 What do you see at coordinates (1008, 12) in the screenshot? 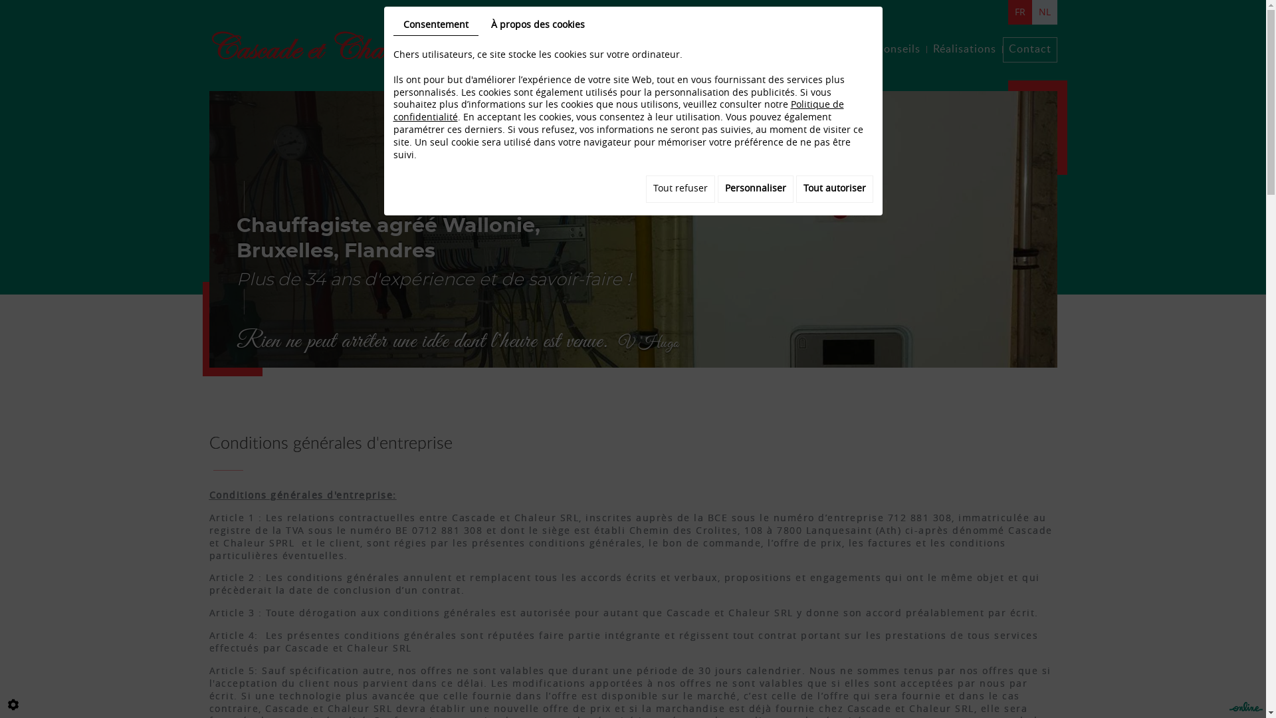
I see `'FR'` at bounding box center [1008, 12].